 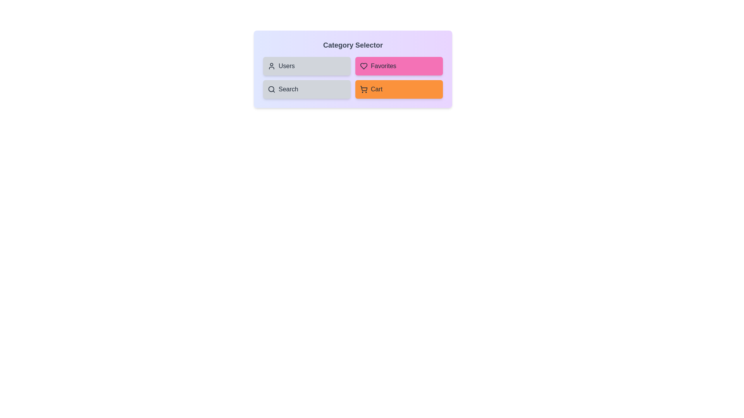 I want to click on the 'Favorites' category to toggle its state, so click(x=399, y=65).